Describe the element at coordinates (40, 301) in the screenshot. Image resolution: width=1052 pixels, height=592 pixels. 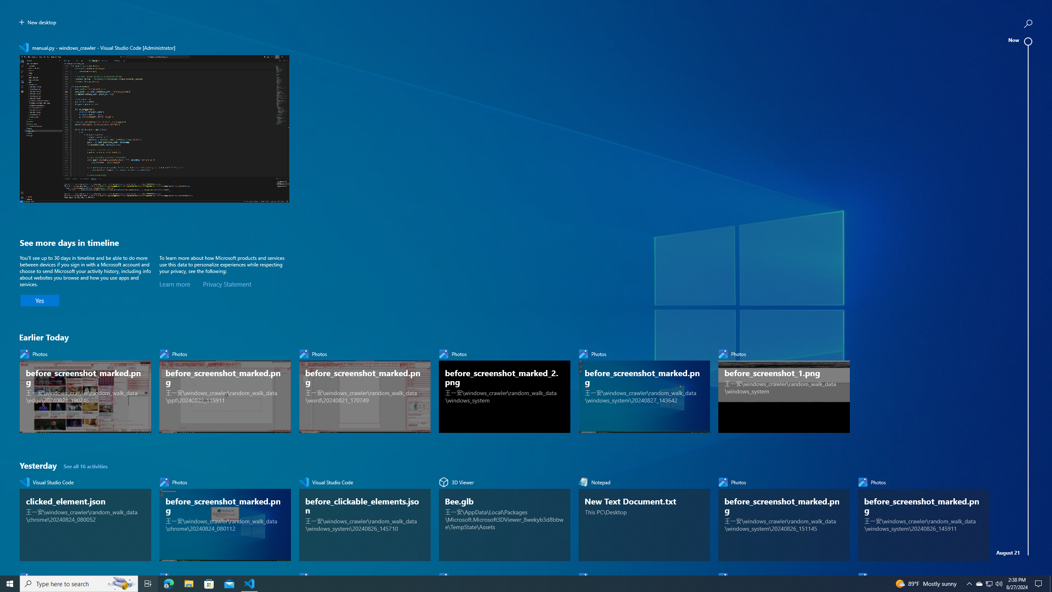
I see `'Yes'` at that location.